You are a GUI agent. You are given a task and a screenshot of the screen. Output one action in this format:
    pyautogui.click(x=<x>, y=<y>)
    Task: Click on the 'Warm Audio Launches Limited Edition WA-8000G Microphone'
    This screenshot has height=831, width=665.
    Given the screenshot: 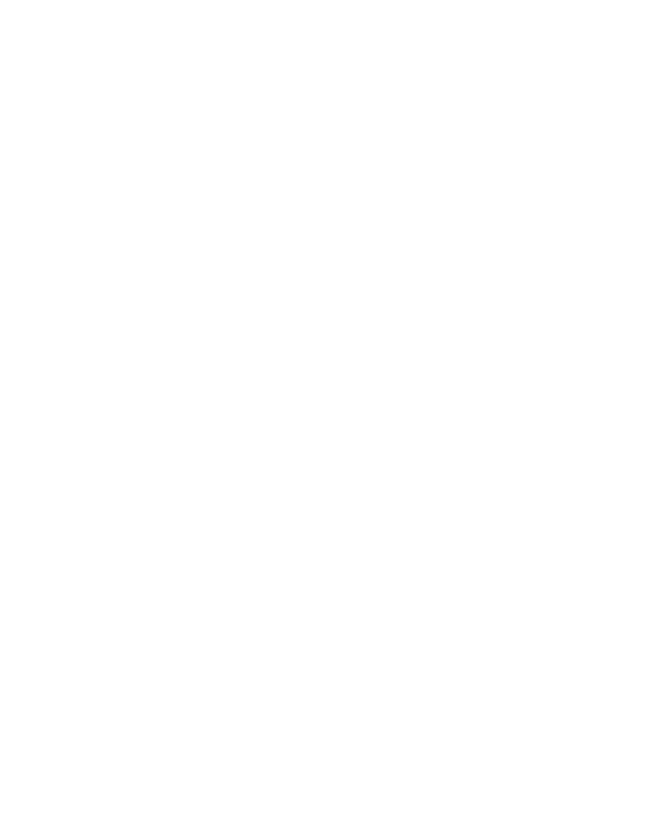 What is the action you would take?
    pyautogui.click(x=274, y=748)
    